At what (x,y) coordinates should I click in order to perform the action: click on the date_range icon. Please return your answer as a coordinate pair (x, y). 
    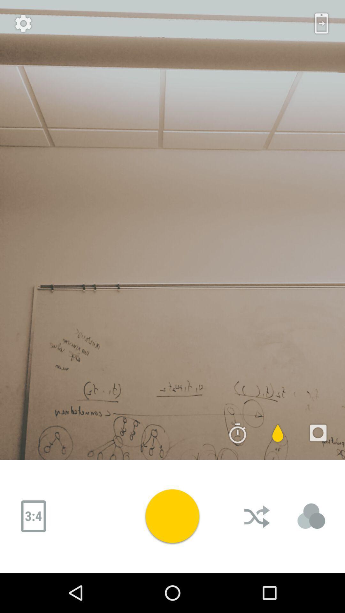
    Looking at the image, I should click on (321, 23).